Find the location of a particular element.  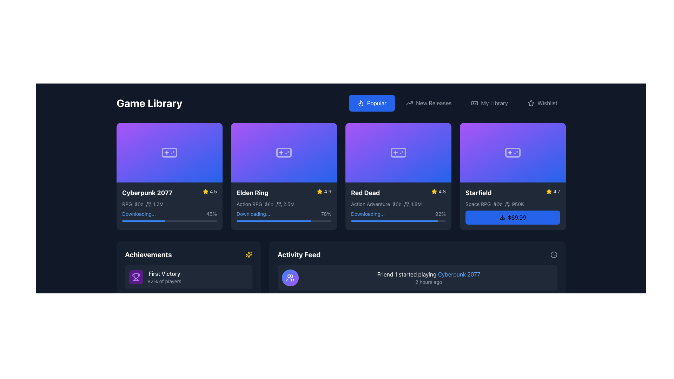

the progress indicator located on the third card from the left in the row underneath the 'Popular' section, which visually represents 78% completion in a narrow progress bar is located at coordinates (273, 220).